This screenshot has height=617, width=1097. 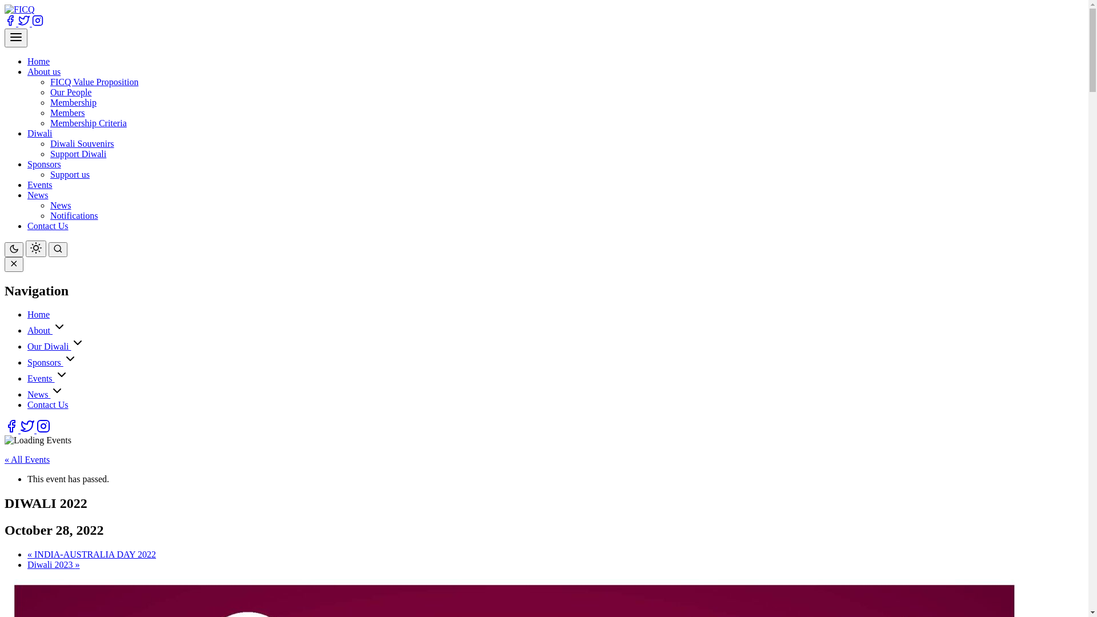 I want to click on 'Home', so click(x=38, y=314).